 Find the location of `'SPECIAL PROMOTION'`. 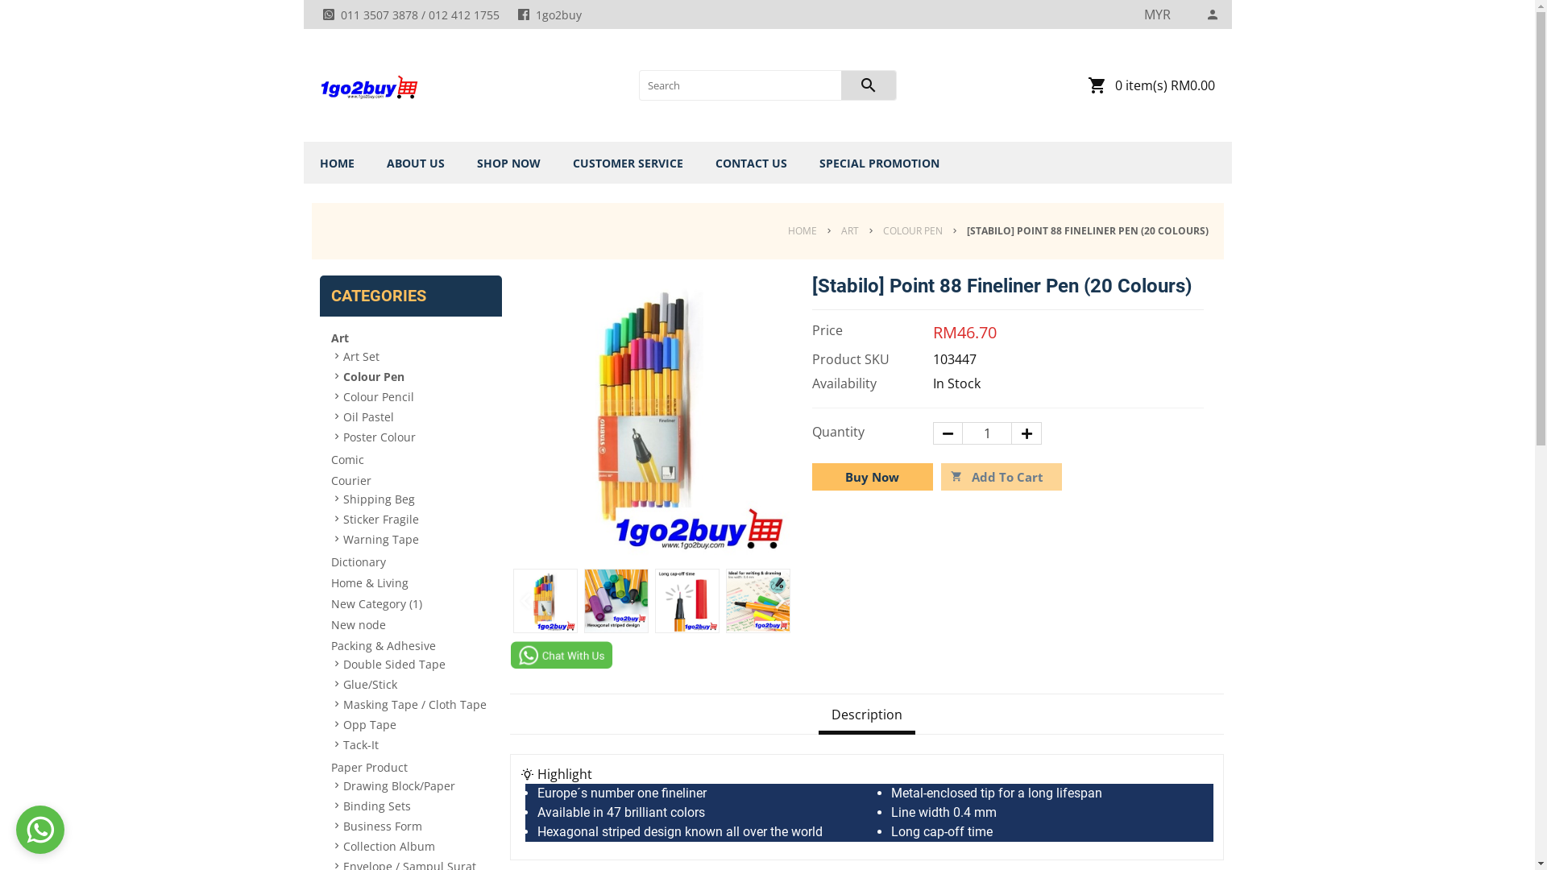

'SPECIAL PROMOTION' is located at coordinates (877, 163).